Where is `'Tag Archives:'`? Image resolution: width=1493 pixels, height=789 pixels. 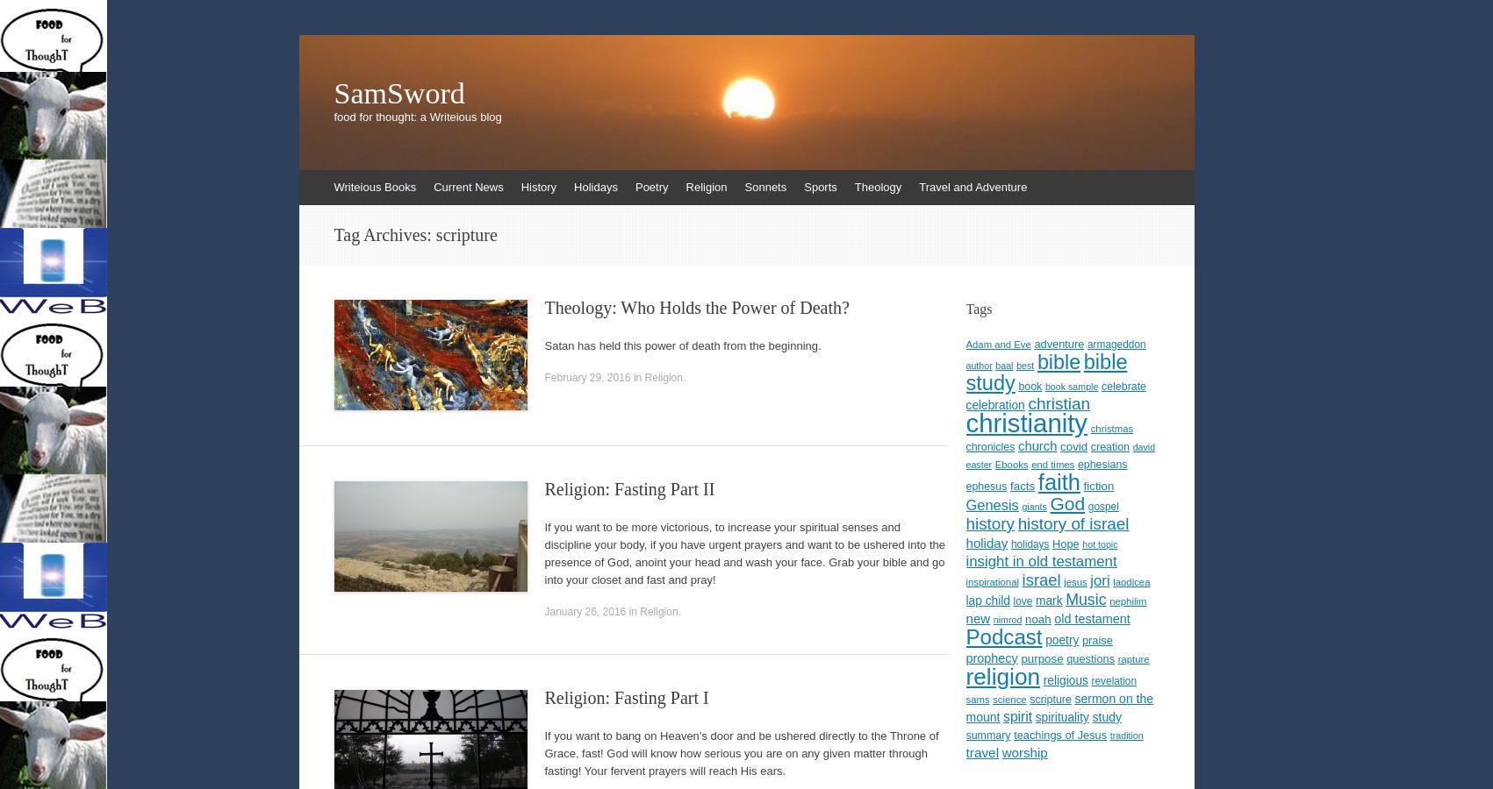 'Tag Archives:' is located at coordinates (384, 234).